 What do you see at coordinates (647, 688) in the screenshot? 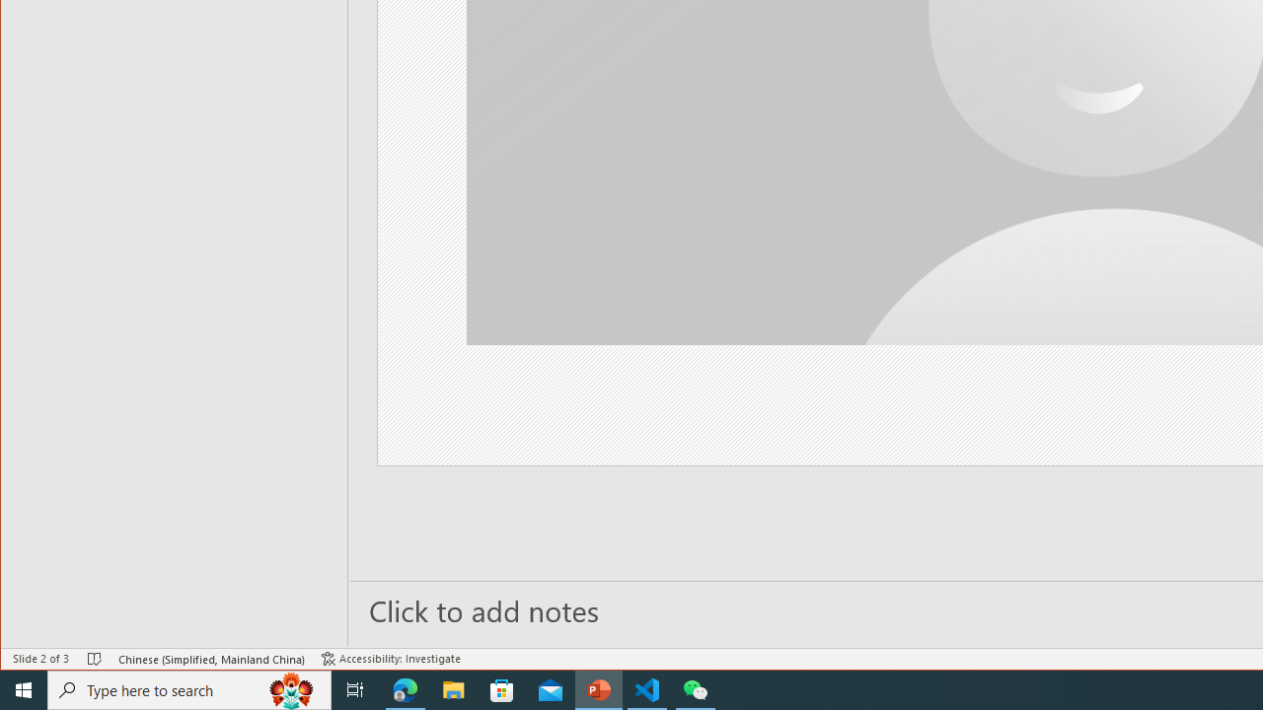
I see `'Visual Studio Code - 1 running window'` at bounding box center [647, 688].